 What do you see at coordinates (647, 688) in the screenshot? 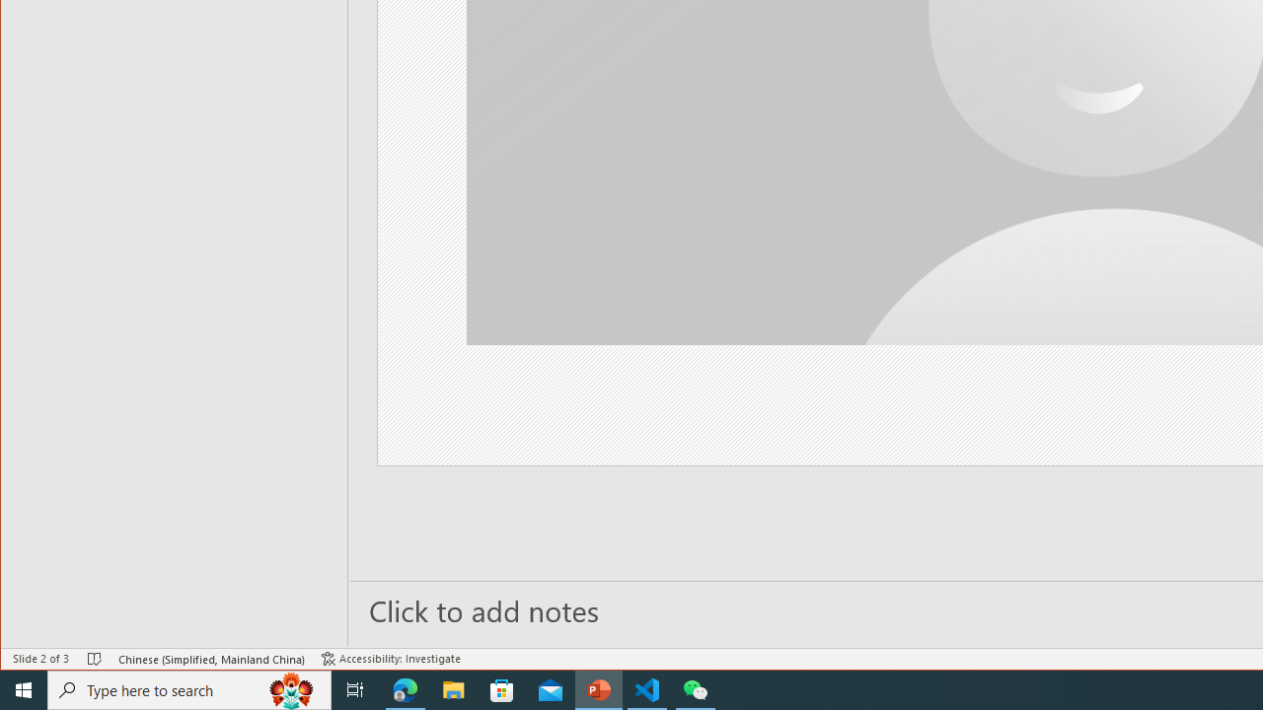
I see `'Visual Studio Code - 1 running window'` at bounding box center [647, 688].